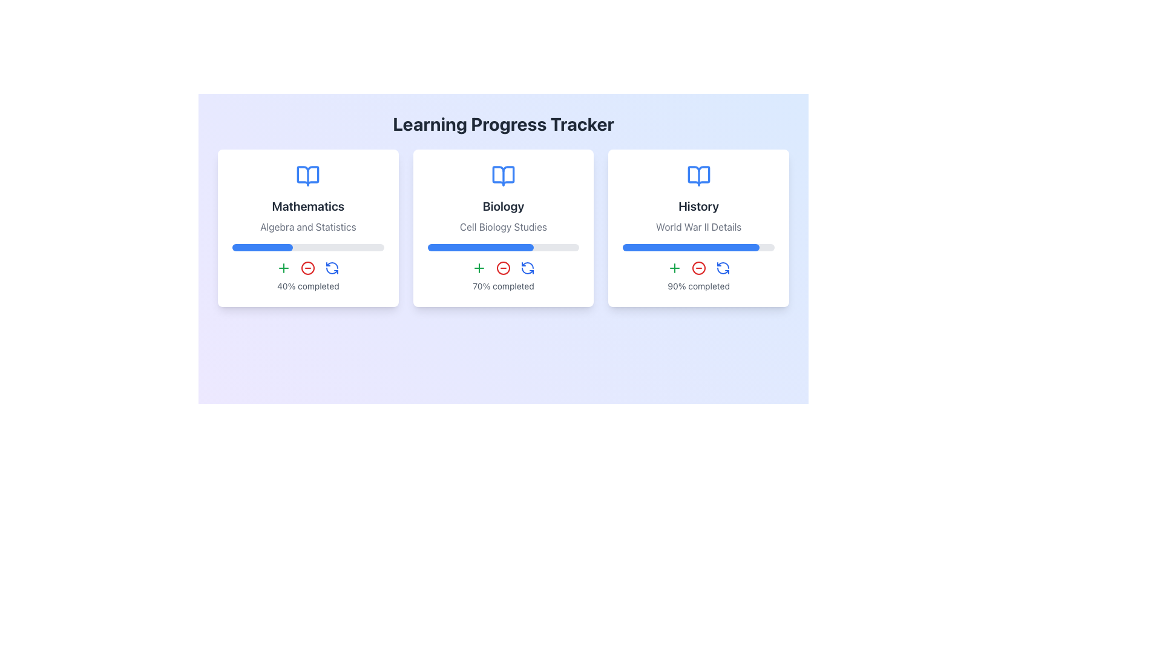 The width and height of the screenshot is (1162, 654). What do you see at coordinates (698, 176) in the screenshot?
I see `the body of the open book icon located in the 'History' card under the 'Learning Progress Tracker' section` at bounding box center [698, 176].